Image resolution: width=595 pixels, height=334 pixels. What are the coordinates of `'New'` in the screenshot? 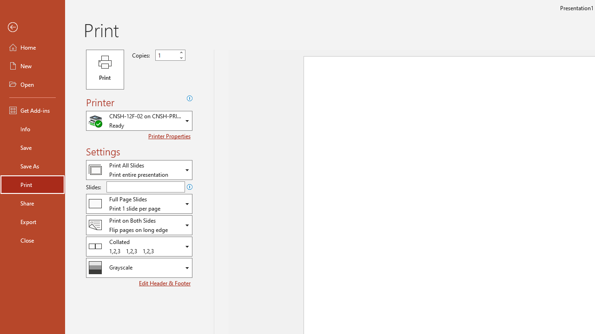 It's located at (32, 65).